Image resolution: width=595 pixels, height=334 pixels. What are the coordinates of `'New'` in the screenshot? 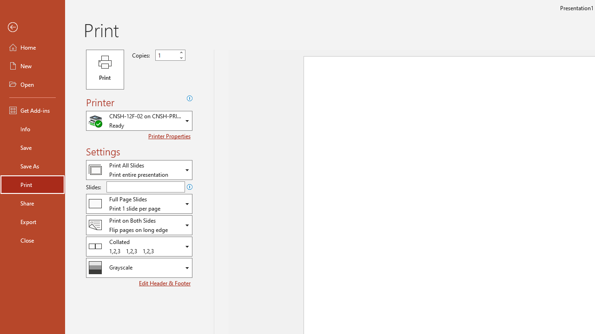 It's located at (32, 65).